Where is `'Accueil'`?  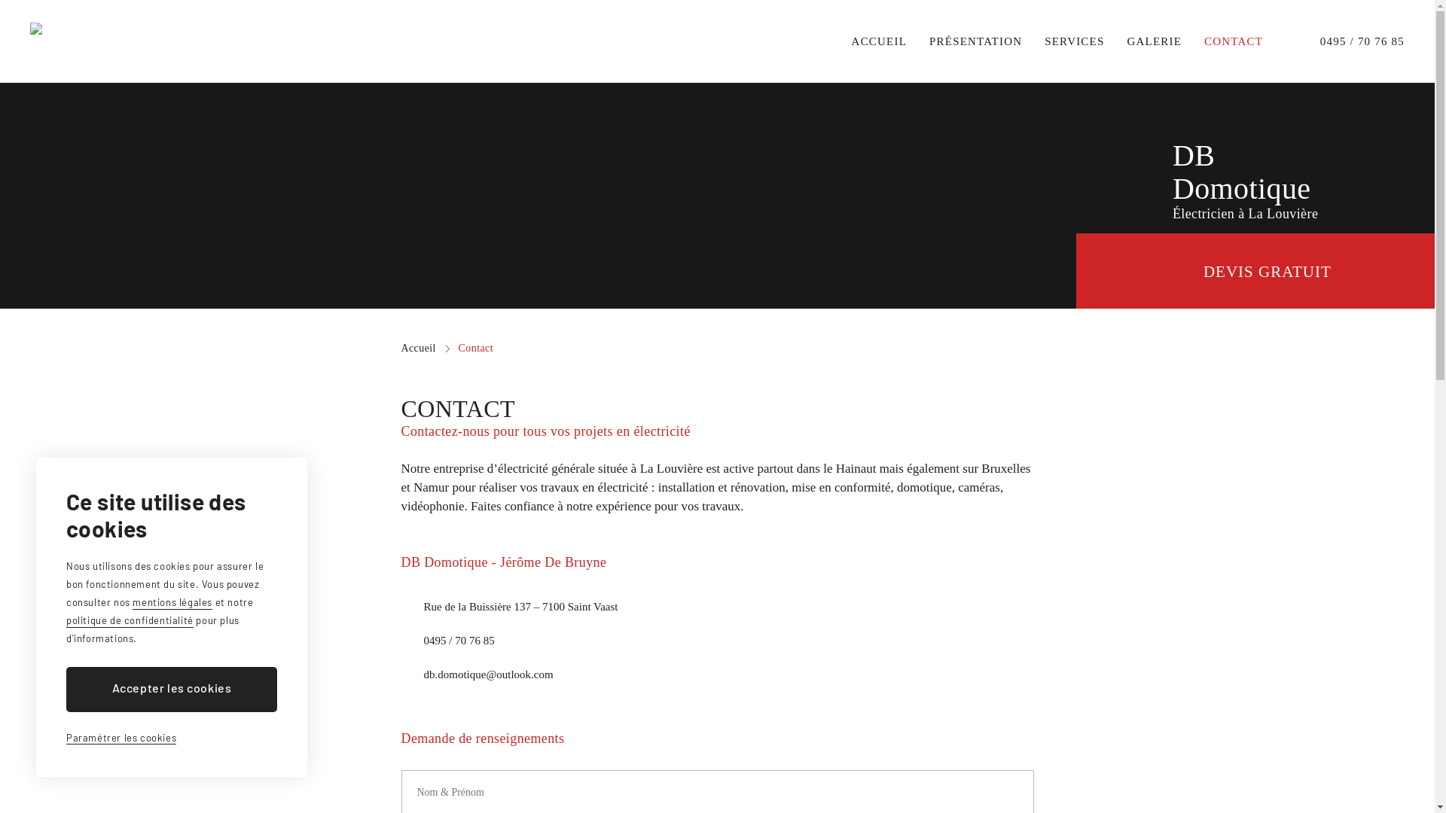 'Accueil' is located at coordinates (424, 348).